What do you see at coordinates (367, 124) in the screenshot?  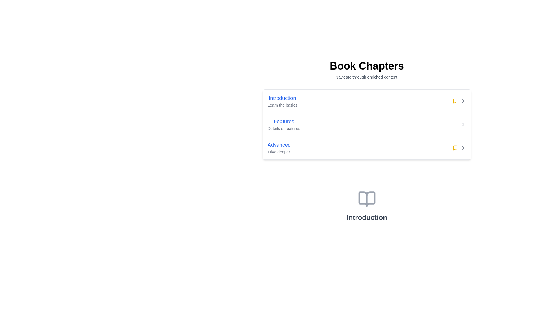 I see `the interactive list item displaying 'Features' with a gray subtext 'Details of features', located in the 'Book Chapters' list, positioned between 'Introduction' and 'Advanced'` at bounding box center [367, 124].